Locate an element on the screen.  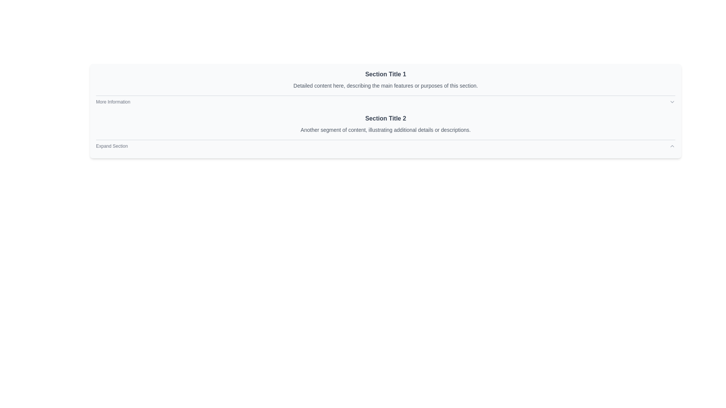
header text located at the top section of the interface, which serves as a title for the content that follows is located at coordinates (385, 74).